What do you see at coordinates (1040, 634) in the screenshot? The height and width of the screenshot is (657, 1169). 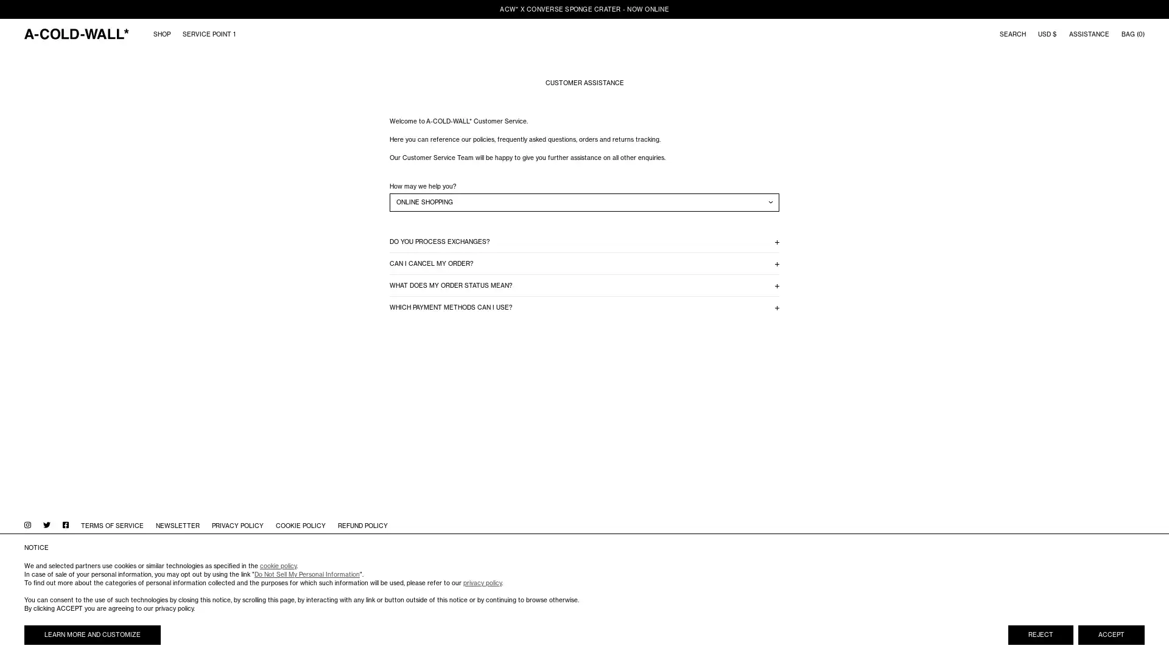 I see `REJECT` at bounding box center [1040, 634].